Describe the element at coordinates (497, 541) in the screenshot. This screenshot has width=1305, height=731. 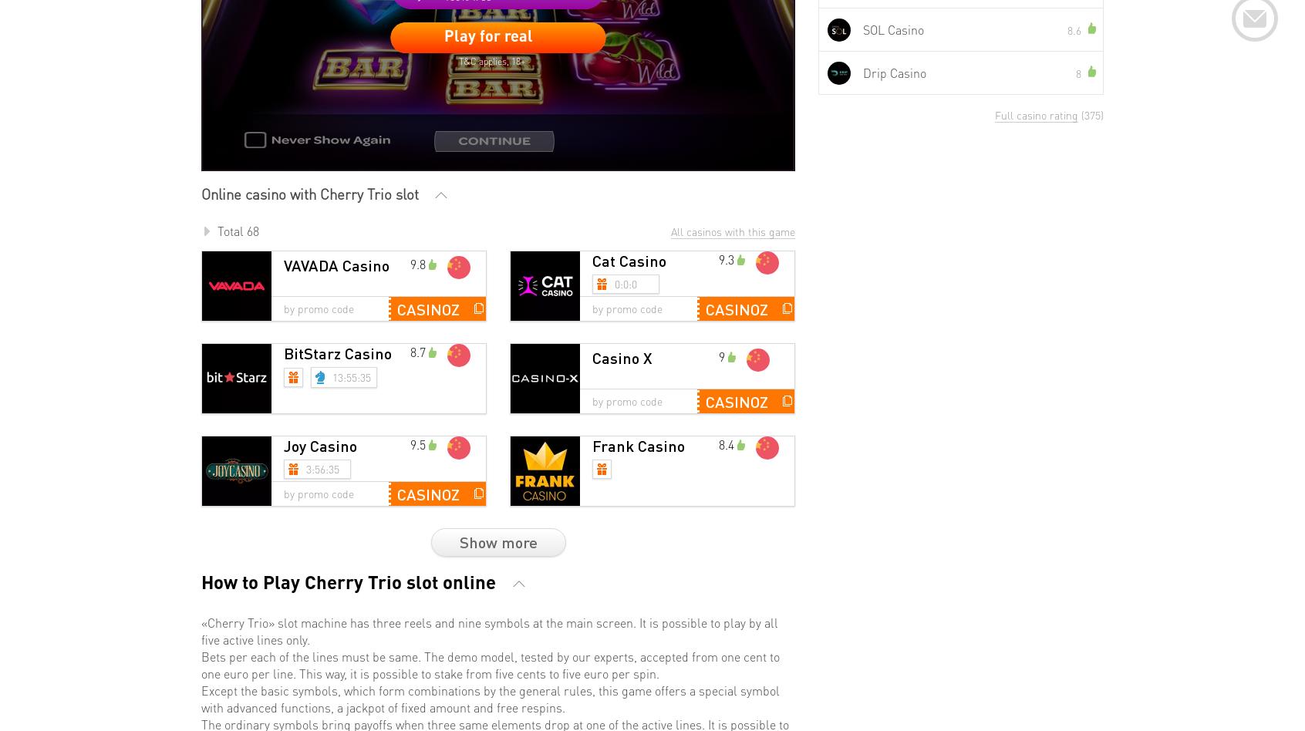
I see `'Show more'` at that location.